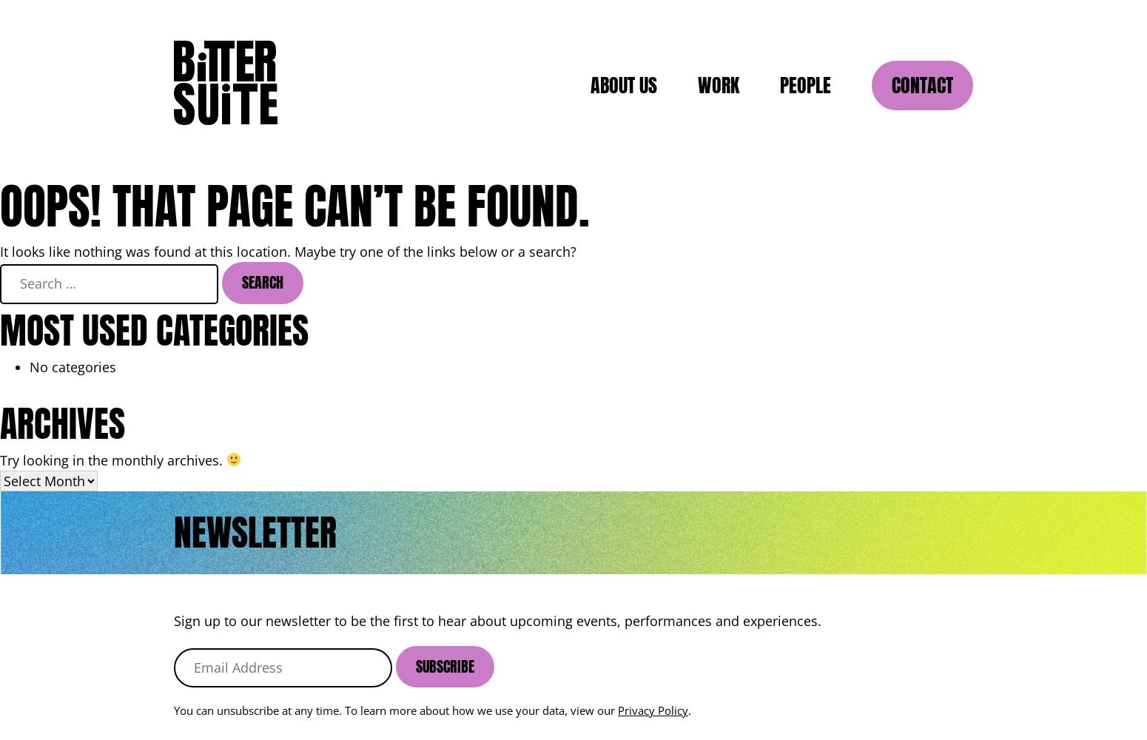  What do you see at coordinates (153, 329) in the screenshot?
I see `'Most Used Categories'` at bounding box center [153, 329].